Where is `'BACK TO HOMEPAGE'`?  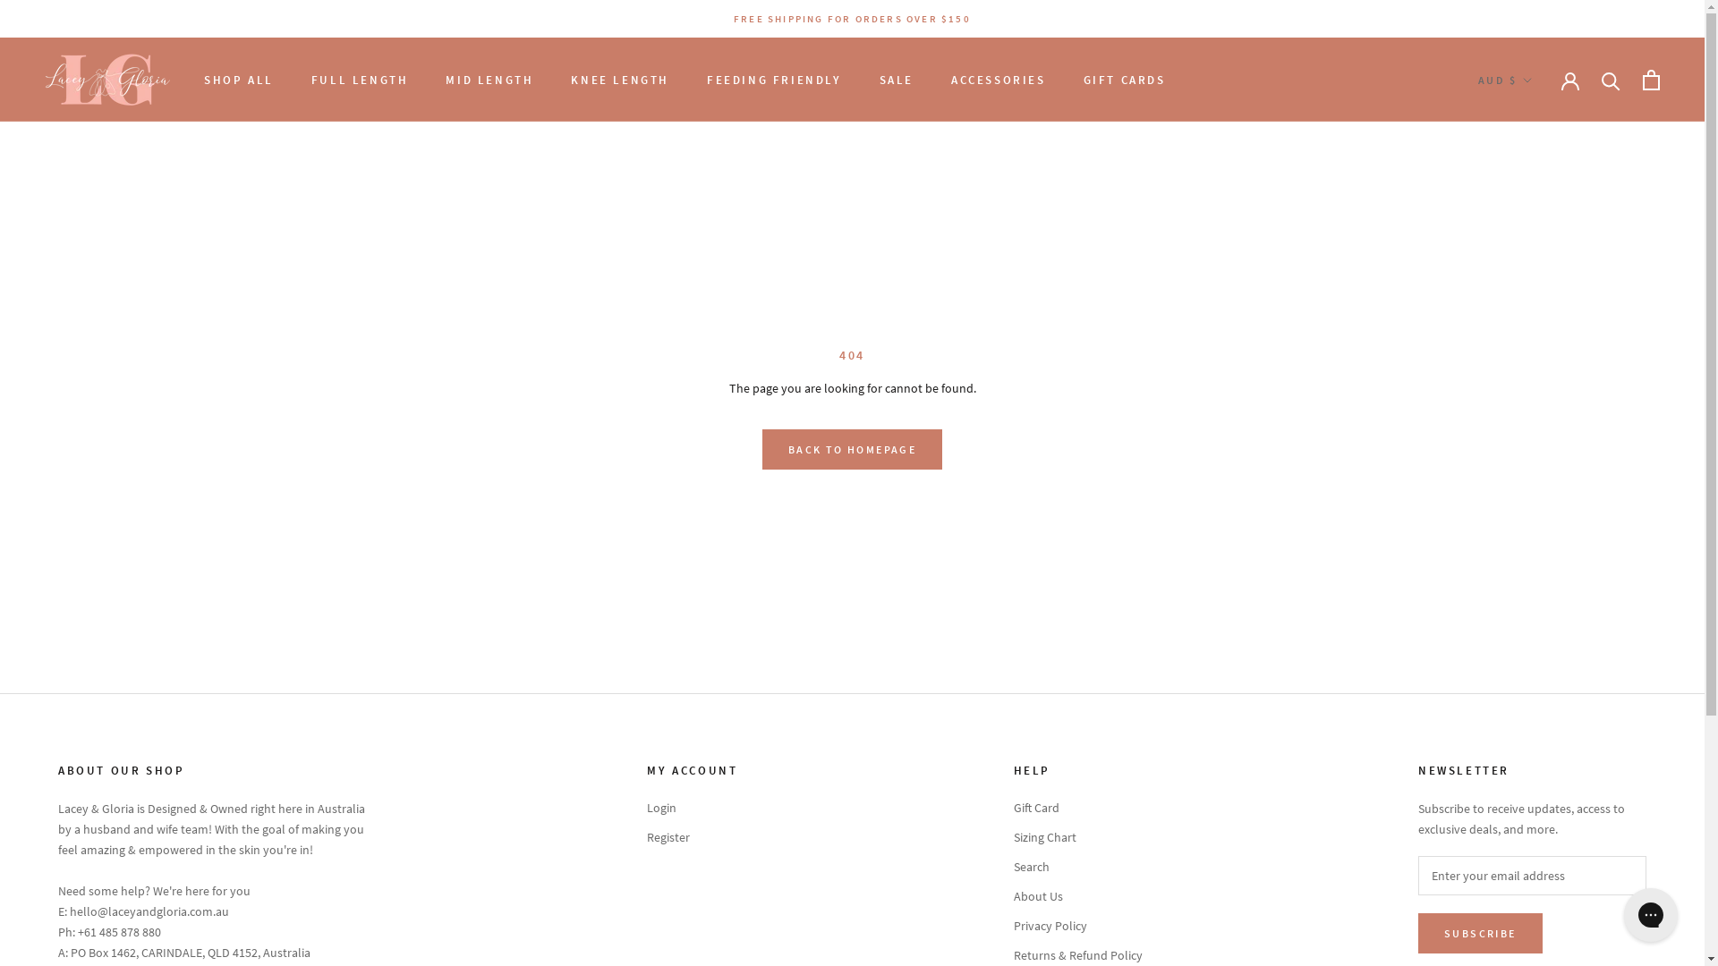 'BACK TO HOMEPAGE' is located at coordinates (851, 448).